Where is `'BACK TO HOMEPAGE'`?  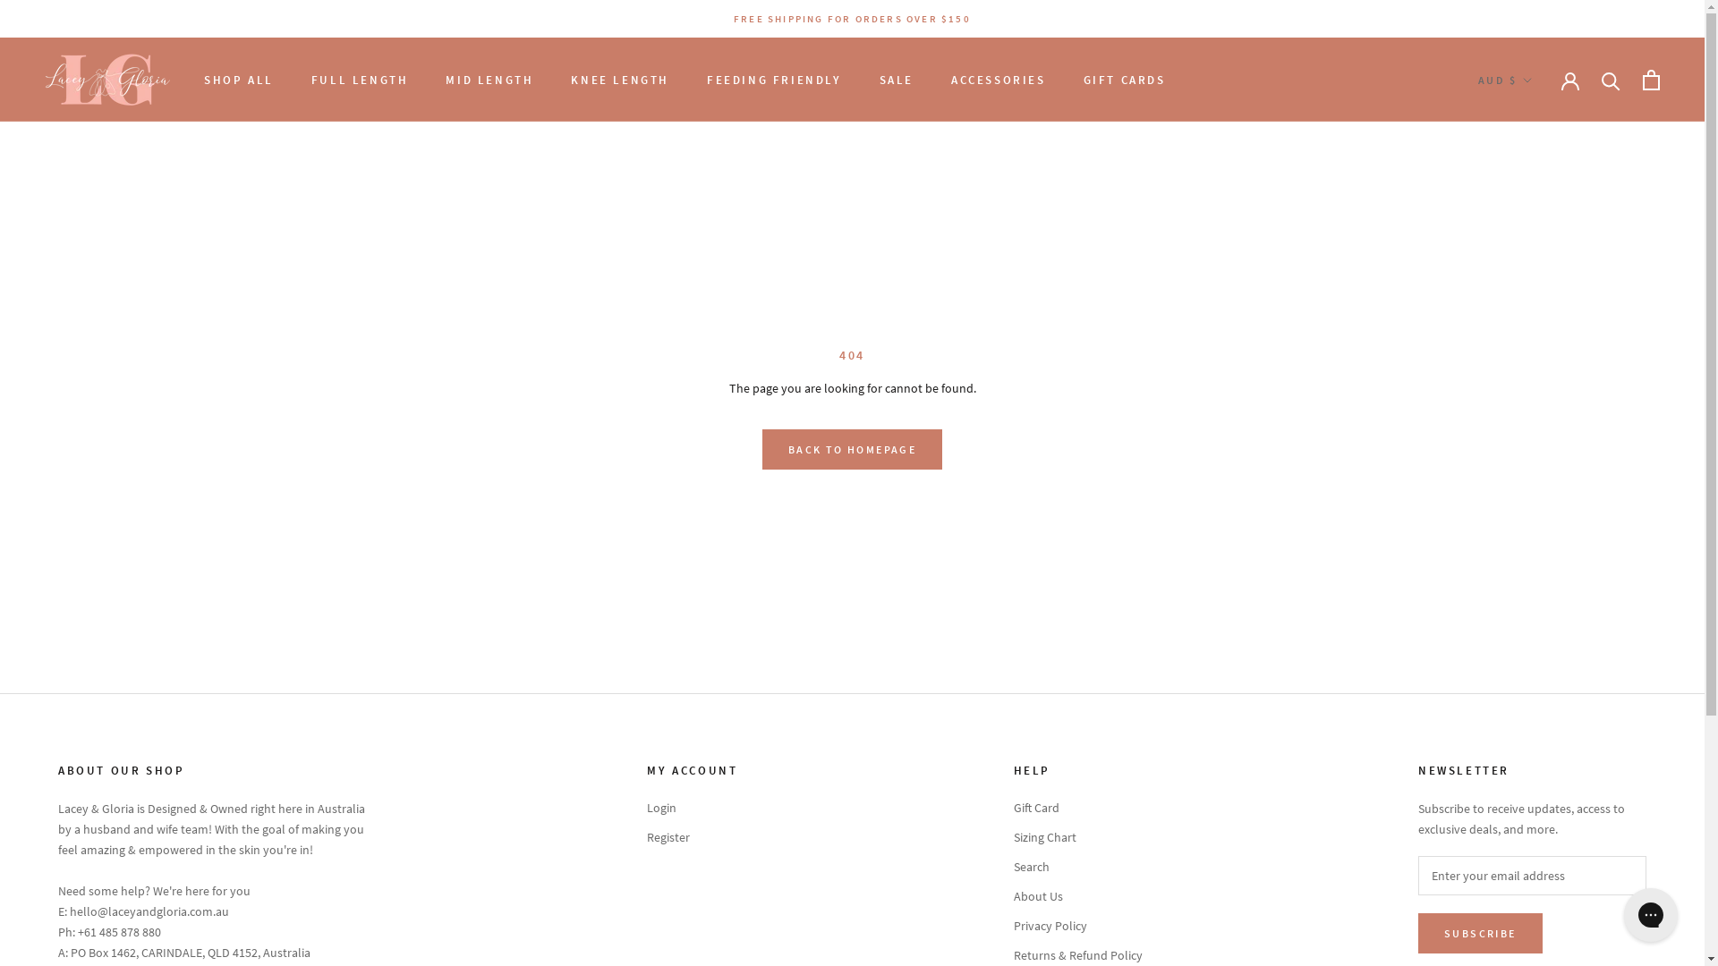 'BACK TO HOMEPAGE' is located at coordinates (851, 448).